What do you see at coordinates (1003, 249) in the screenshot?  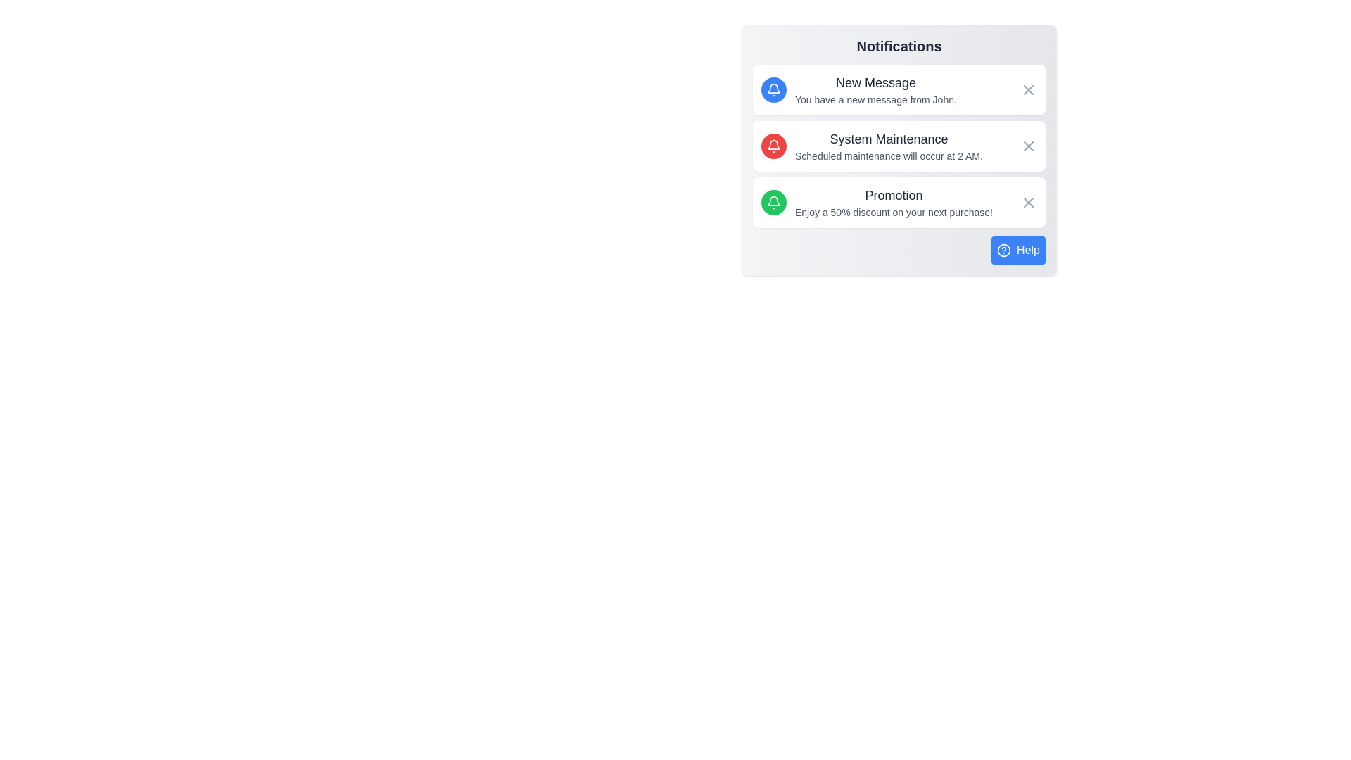 I see `the help icon located on the blue button labeled 'Help' at the bottom-right of the notification panel` at bounding box center [1003, 249].